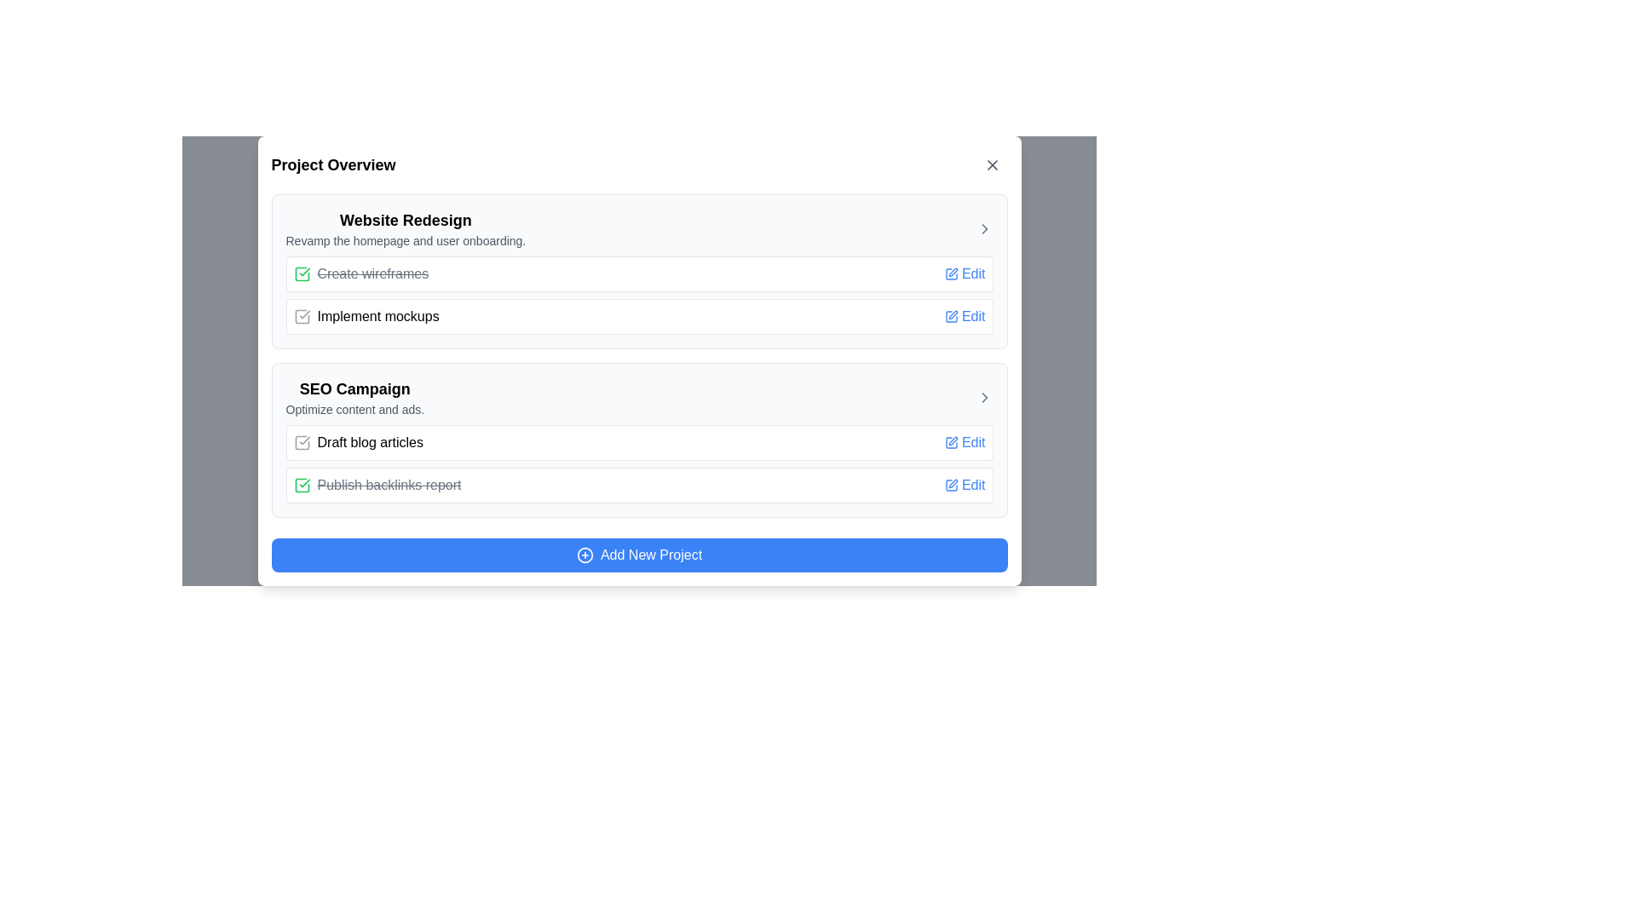  I want to click on the Chevron icon located on the right side of the 'SEO Campaign' section header, so click(984, 397).